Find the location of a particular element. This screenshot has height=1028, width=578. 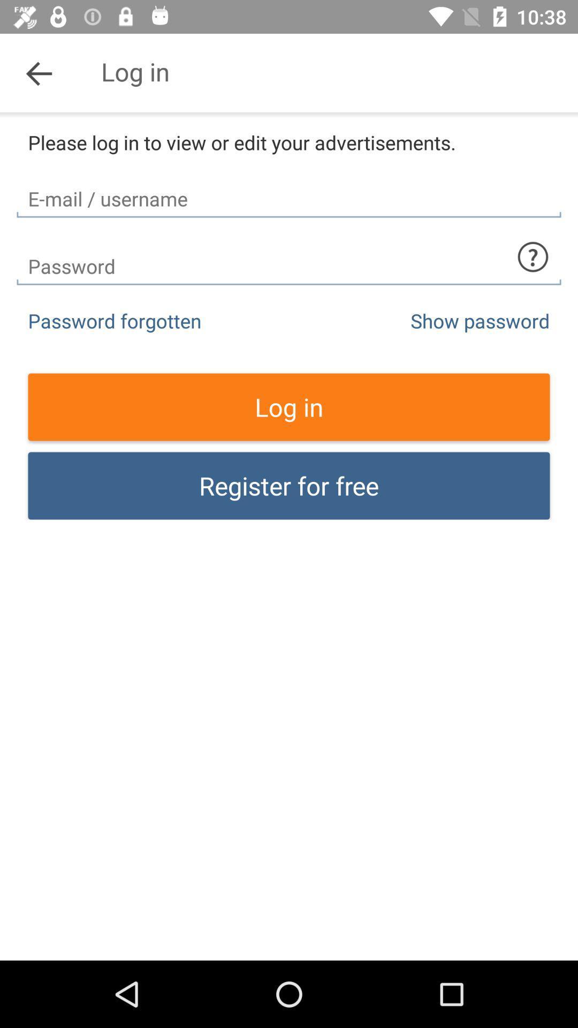

the item next to the password forgotten item is located at coordinates (480, 320).